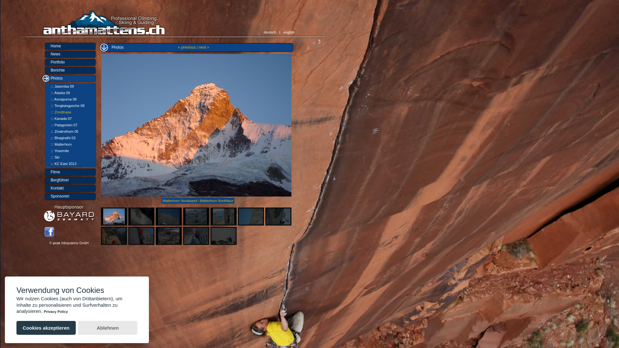 Image resolution: width=619 pixels, height=348 pixels. I want to click on 'Filme', so click(51, 171).